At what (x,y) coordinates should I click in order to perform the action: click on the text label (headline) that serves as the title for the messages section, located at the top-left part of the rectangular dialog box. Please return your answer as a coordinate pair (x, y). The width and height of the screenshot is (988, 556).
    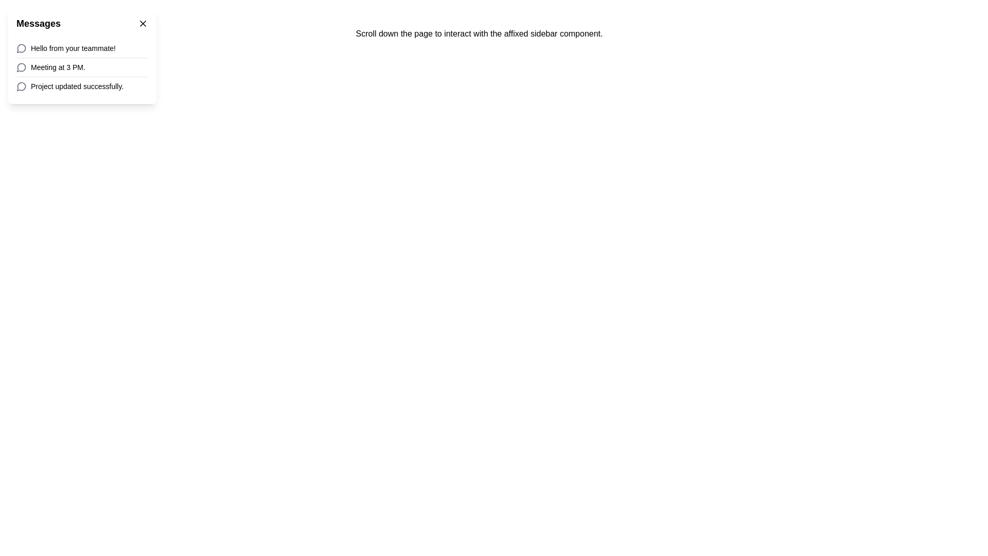
    Looking at the image, I should click on (39, 23).